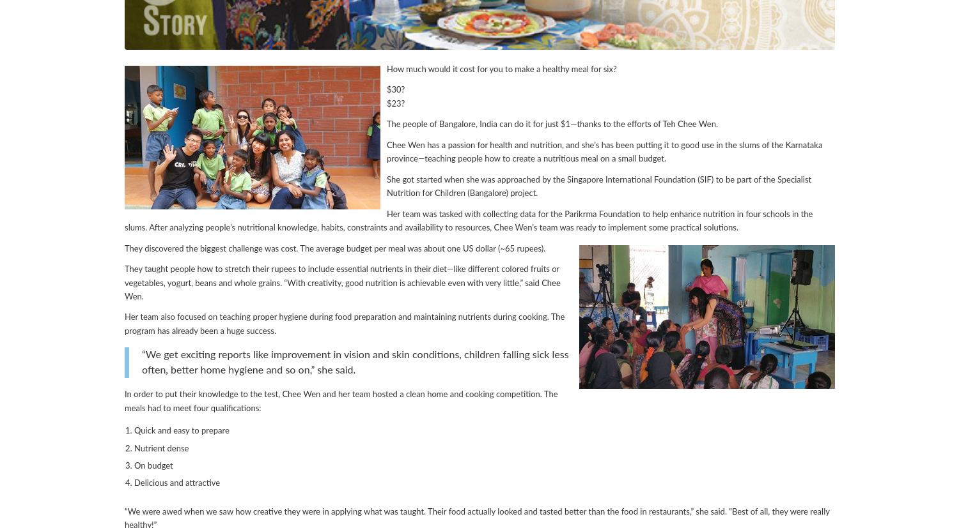 The height and width of the screenshot is (528, 959). I want to click on 'Nutrient dense', so click(161, 448).